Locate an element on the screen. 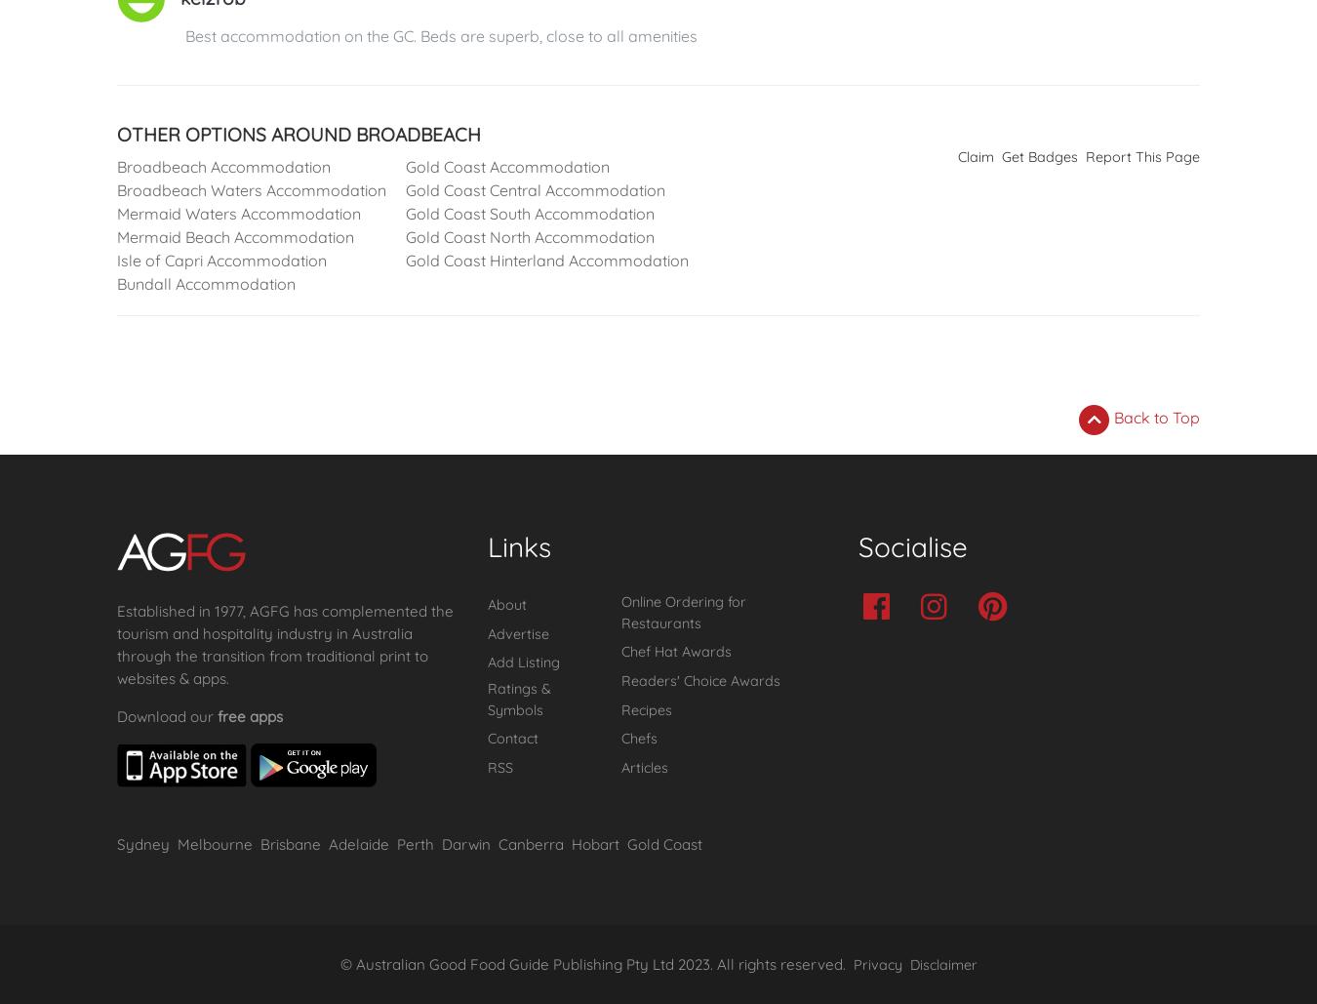 The image size is (1317, 1004). 'Broadbeach Waters Accommodation' is located at coordinates (250, 189).